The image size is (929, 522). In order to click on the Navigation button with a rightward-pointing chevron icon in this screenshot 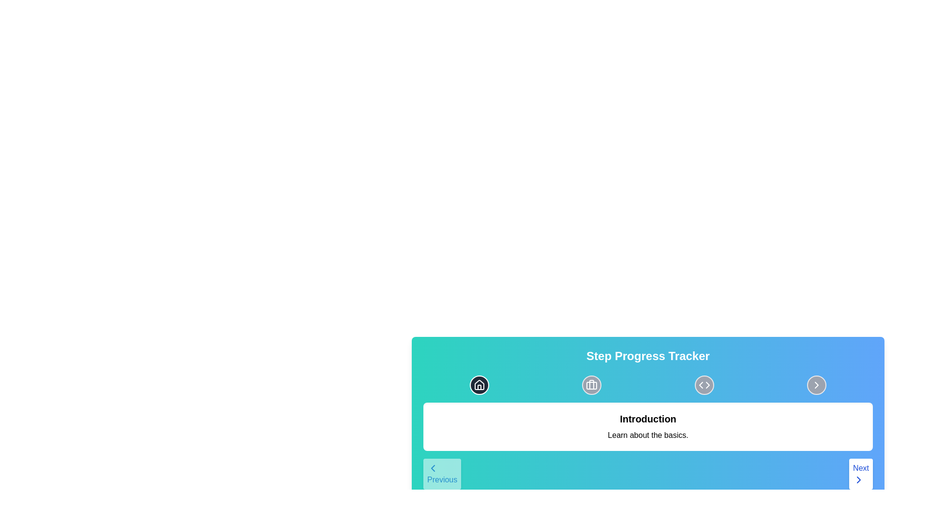, I will do `click(816, 385)`.